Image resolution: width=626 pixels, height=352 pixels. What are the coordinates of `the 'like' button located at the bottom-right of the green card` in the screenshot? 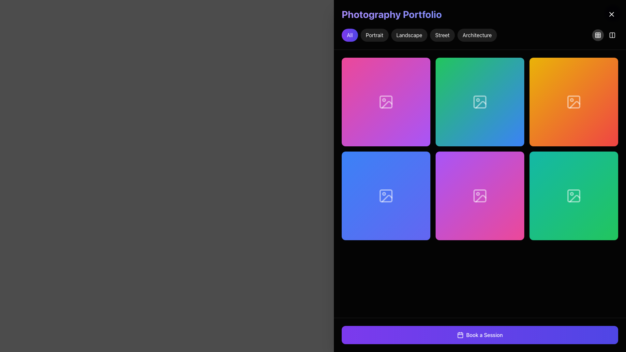 It's located at (558, 196).